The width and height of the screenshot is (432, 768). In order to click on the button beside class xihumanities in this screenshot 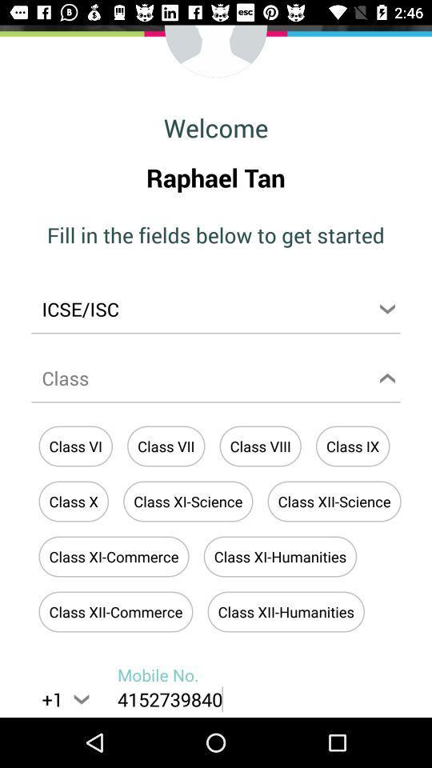, I will do `click(113, 557)`.